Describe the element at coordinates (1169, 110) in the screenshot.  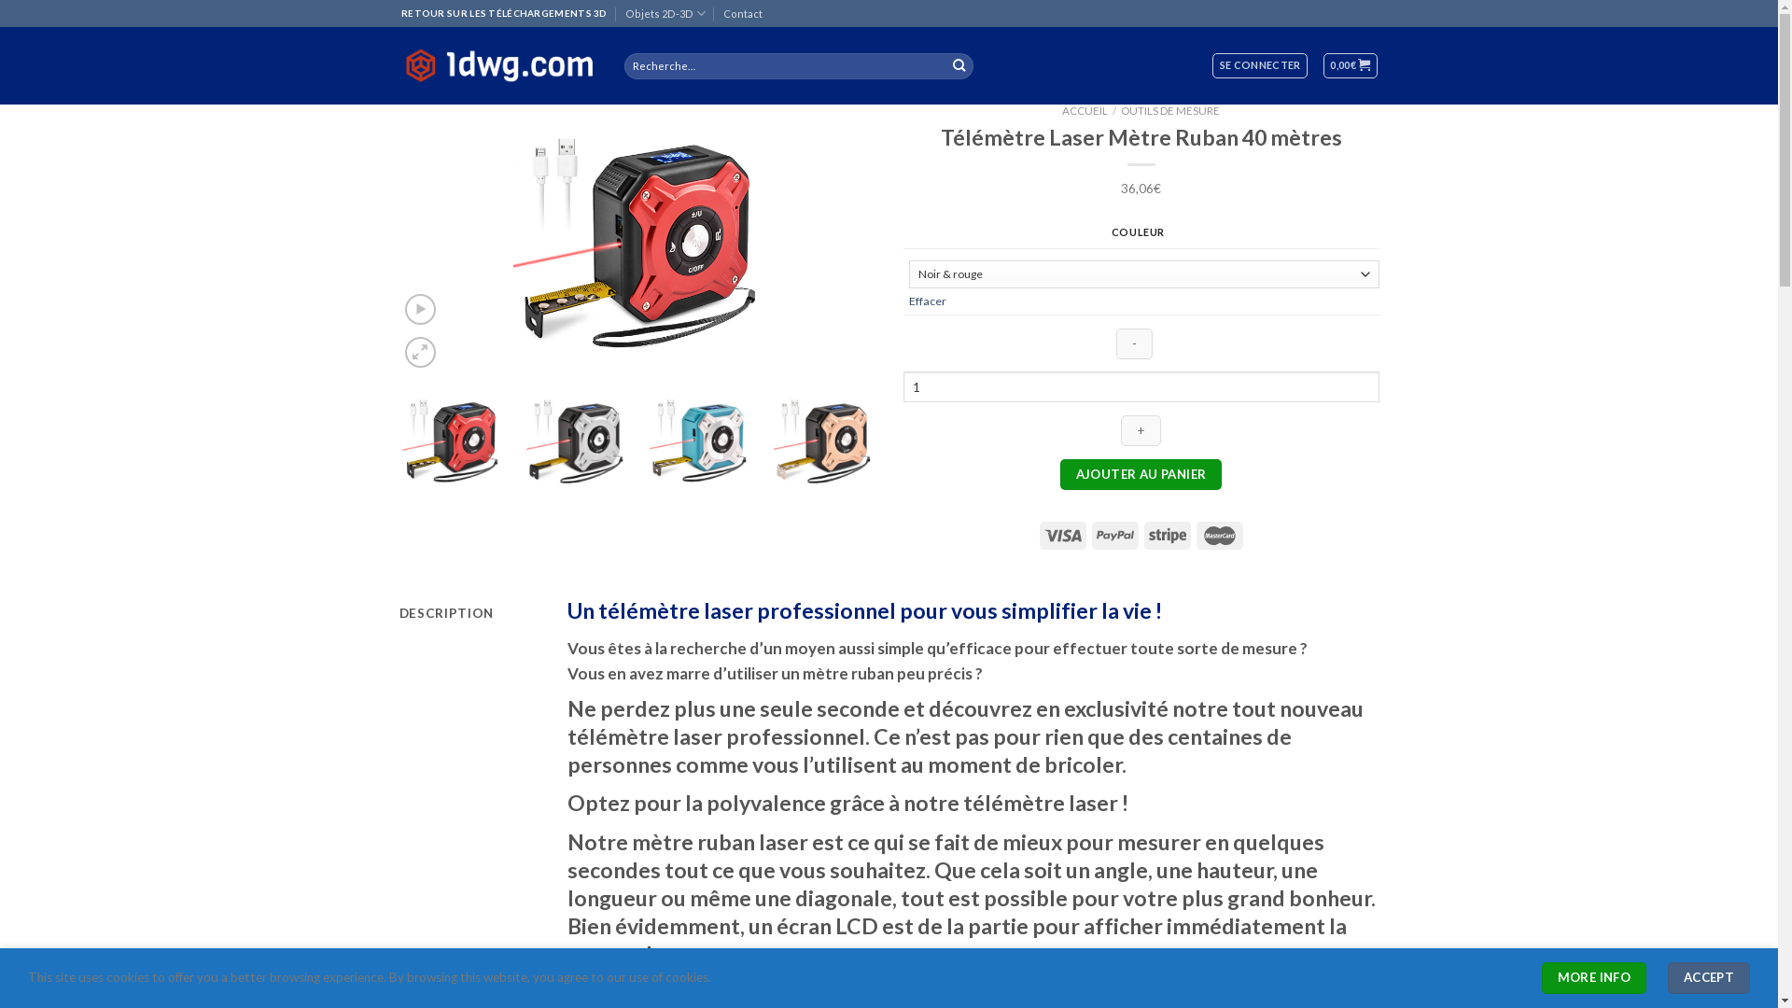
I see `'OUTILS DE MESURE'` at that location.